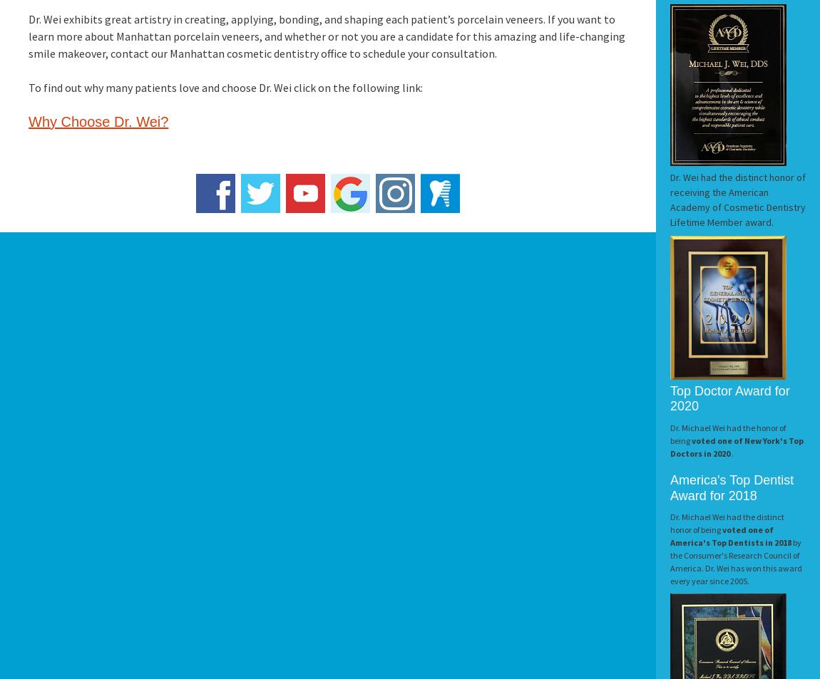 The width and height of the screenshot is (820, 679). I want to click on '.', so click(732, 452).